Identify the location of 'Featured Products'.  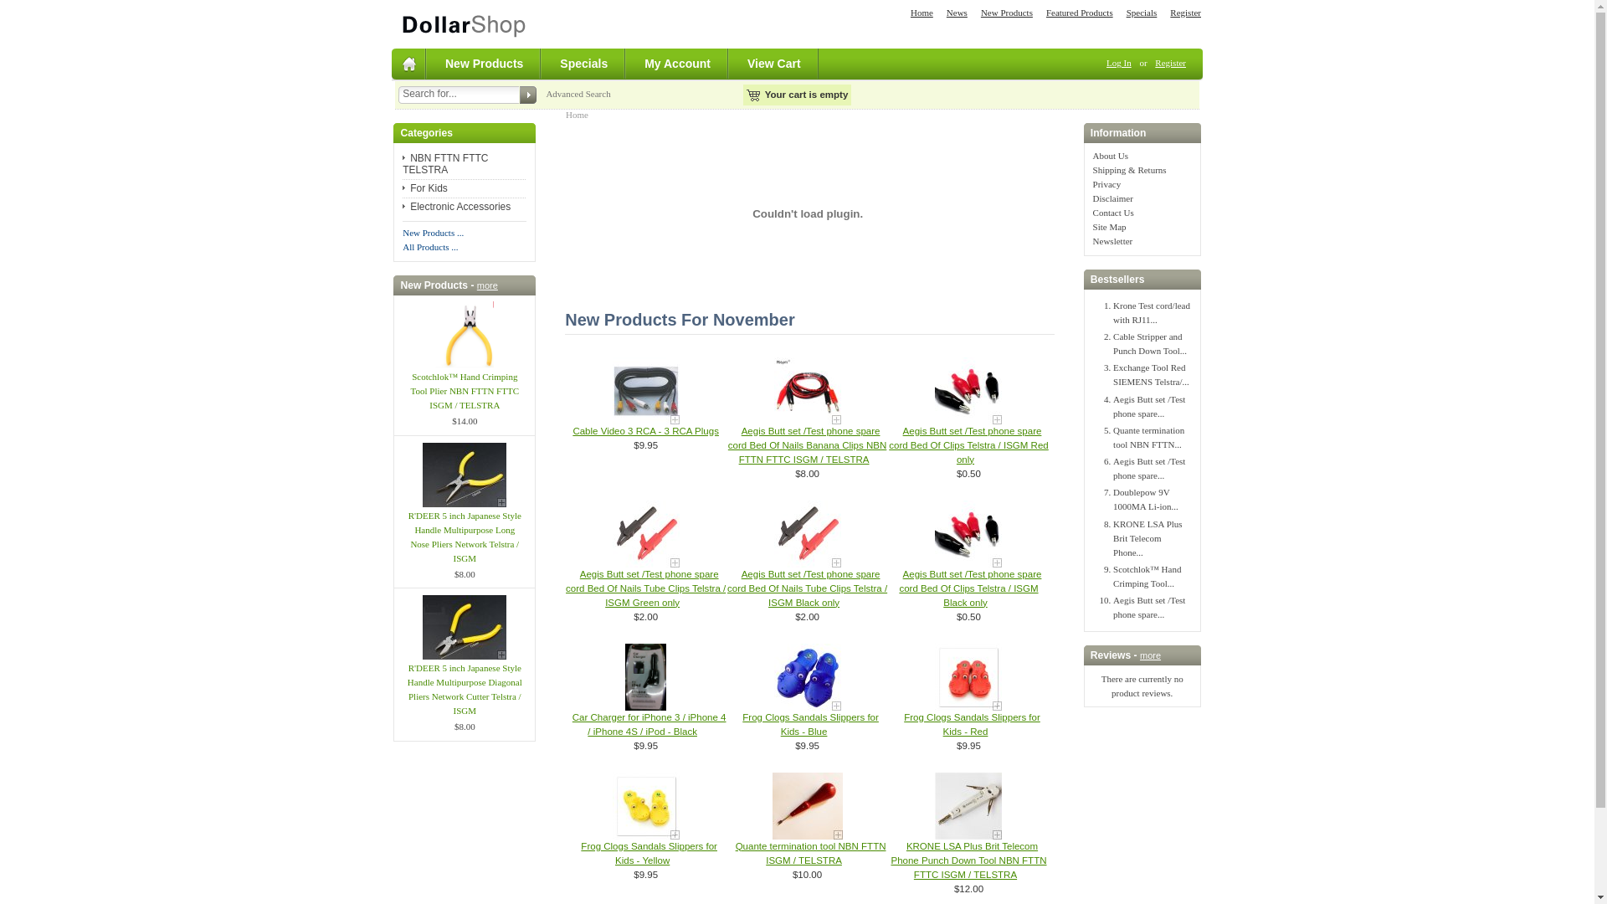
(1080, 13).